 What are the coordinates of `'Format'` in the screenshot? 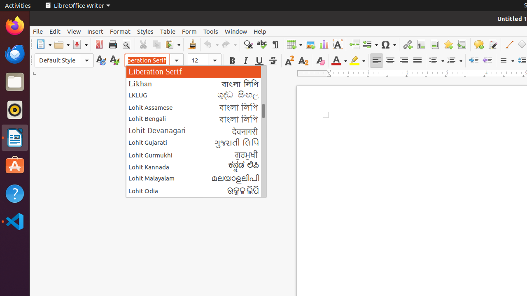 It's located at (119, 31).